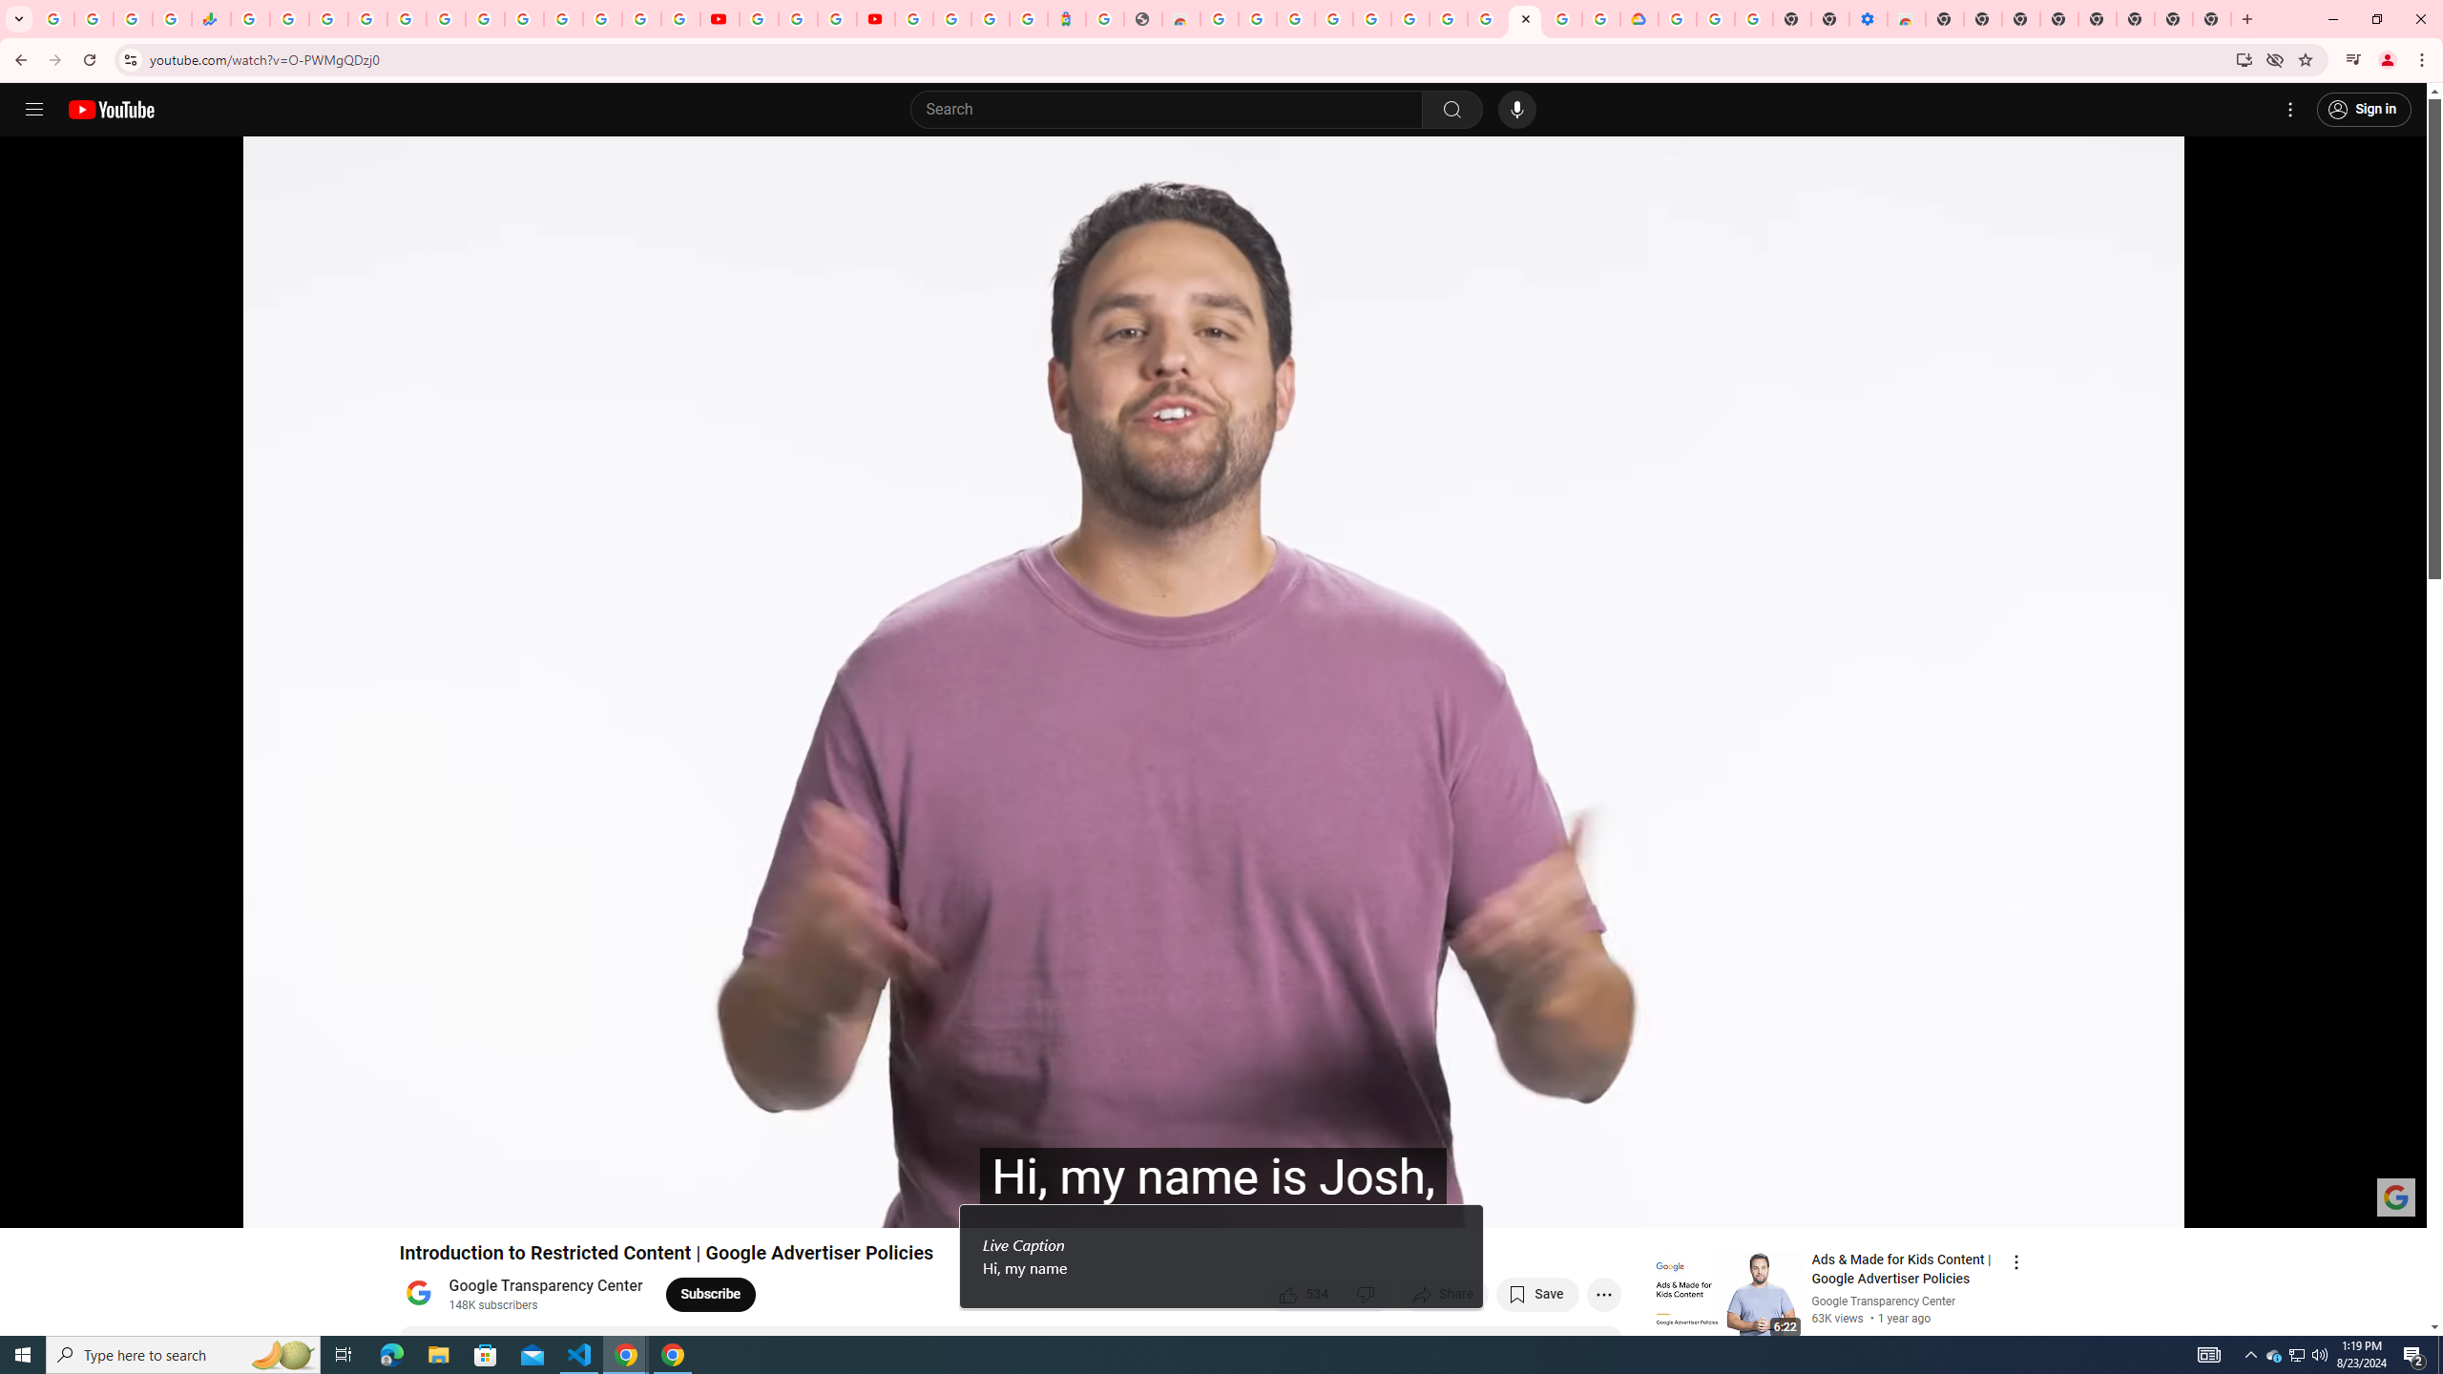 This screenshot has width=2443, height=1374. Describe the element at coordinates (546, 1285) in the screenshot. I see `'Google Transparency Center'` at that location.